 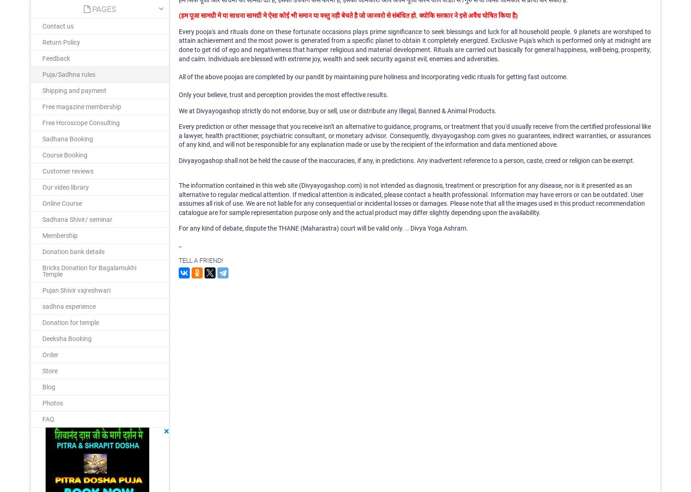 What do you see at coordinates (61, 41) in the screenshot?
I see `'Return Policy'` at bounding box center [61, 41].